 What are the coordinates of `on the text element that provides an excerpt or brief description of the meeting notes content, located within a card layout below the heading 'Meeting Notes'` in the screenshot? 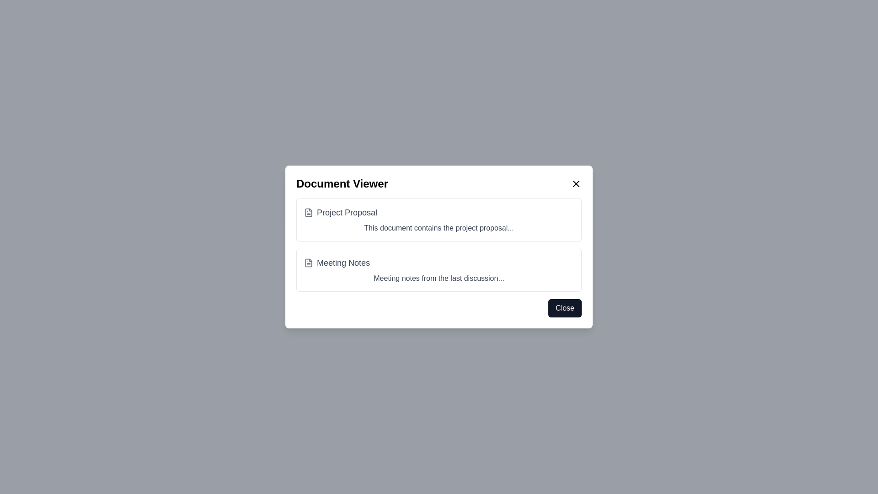 It's located at (439, 278).